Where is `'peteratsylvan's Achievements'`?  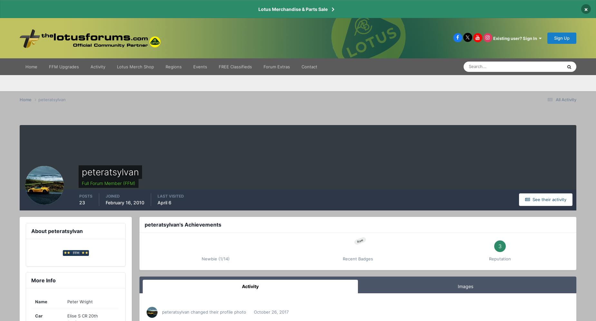 'peteratsylvan's Achievements' is located at coordinates (183, 225).